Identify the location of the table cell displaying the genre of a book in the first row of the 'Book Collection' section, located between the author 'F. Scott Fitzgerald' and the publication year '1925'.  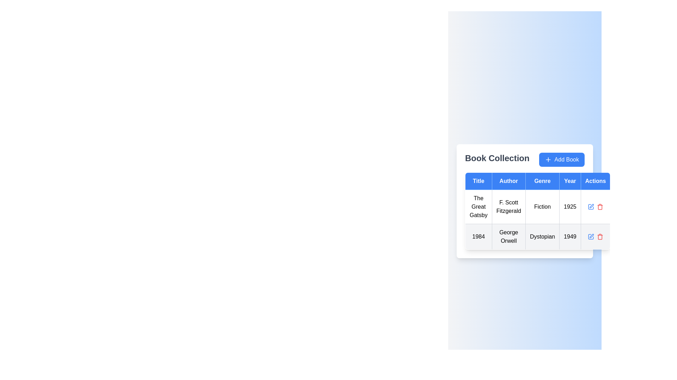
(537, 219).